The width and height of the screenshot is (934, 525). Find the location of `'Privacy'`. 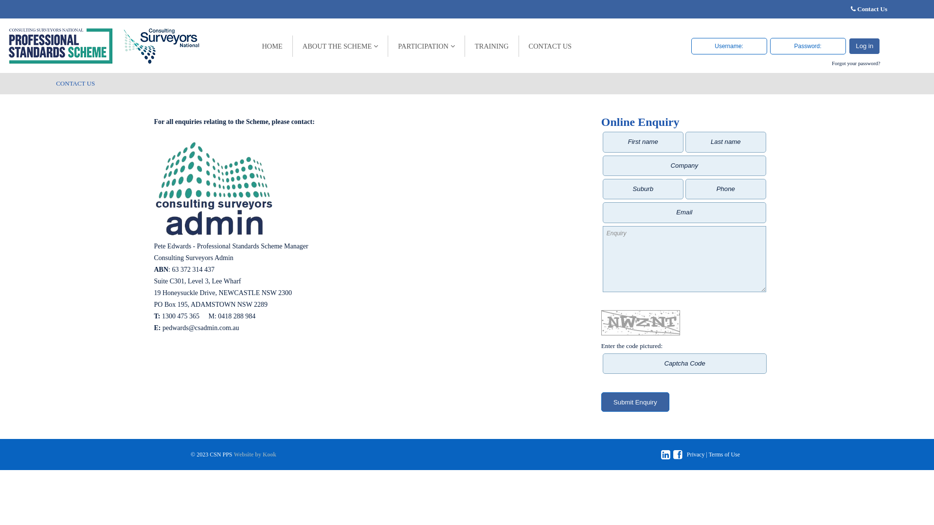

'Privacy' is located at coordinates (695, 454).